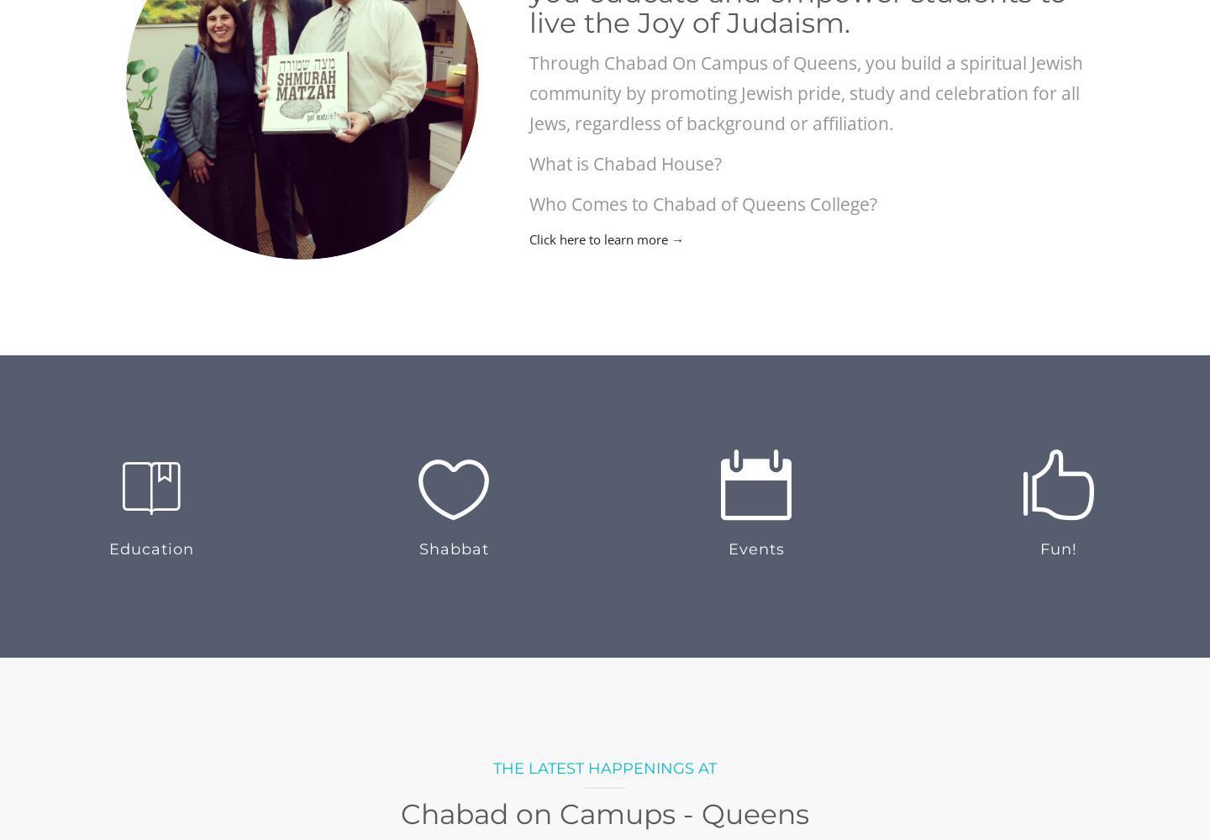 This screenshot has height=840, width=1210. I want to click on 'Who Comes to Chabad of Queens College?', so click(529, 203).